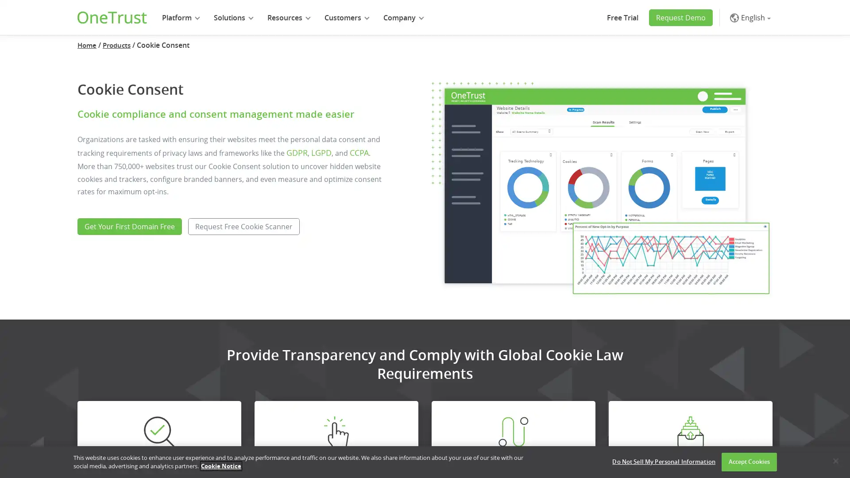  What do you see at coordinates (835, 460) in the screenshot?
I see `Close` at bounding box center [835, 460].